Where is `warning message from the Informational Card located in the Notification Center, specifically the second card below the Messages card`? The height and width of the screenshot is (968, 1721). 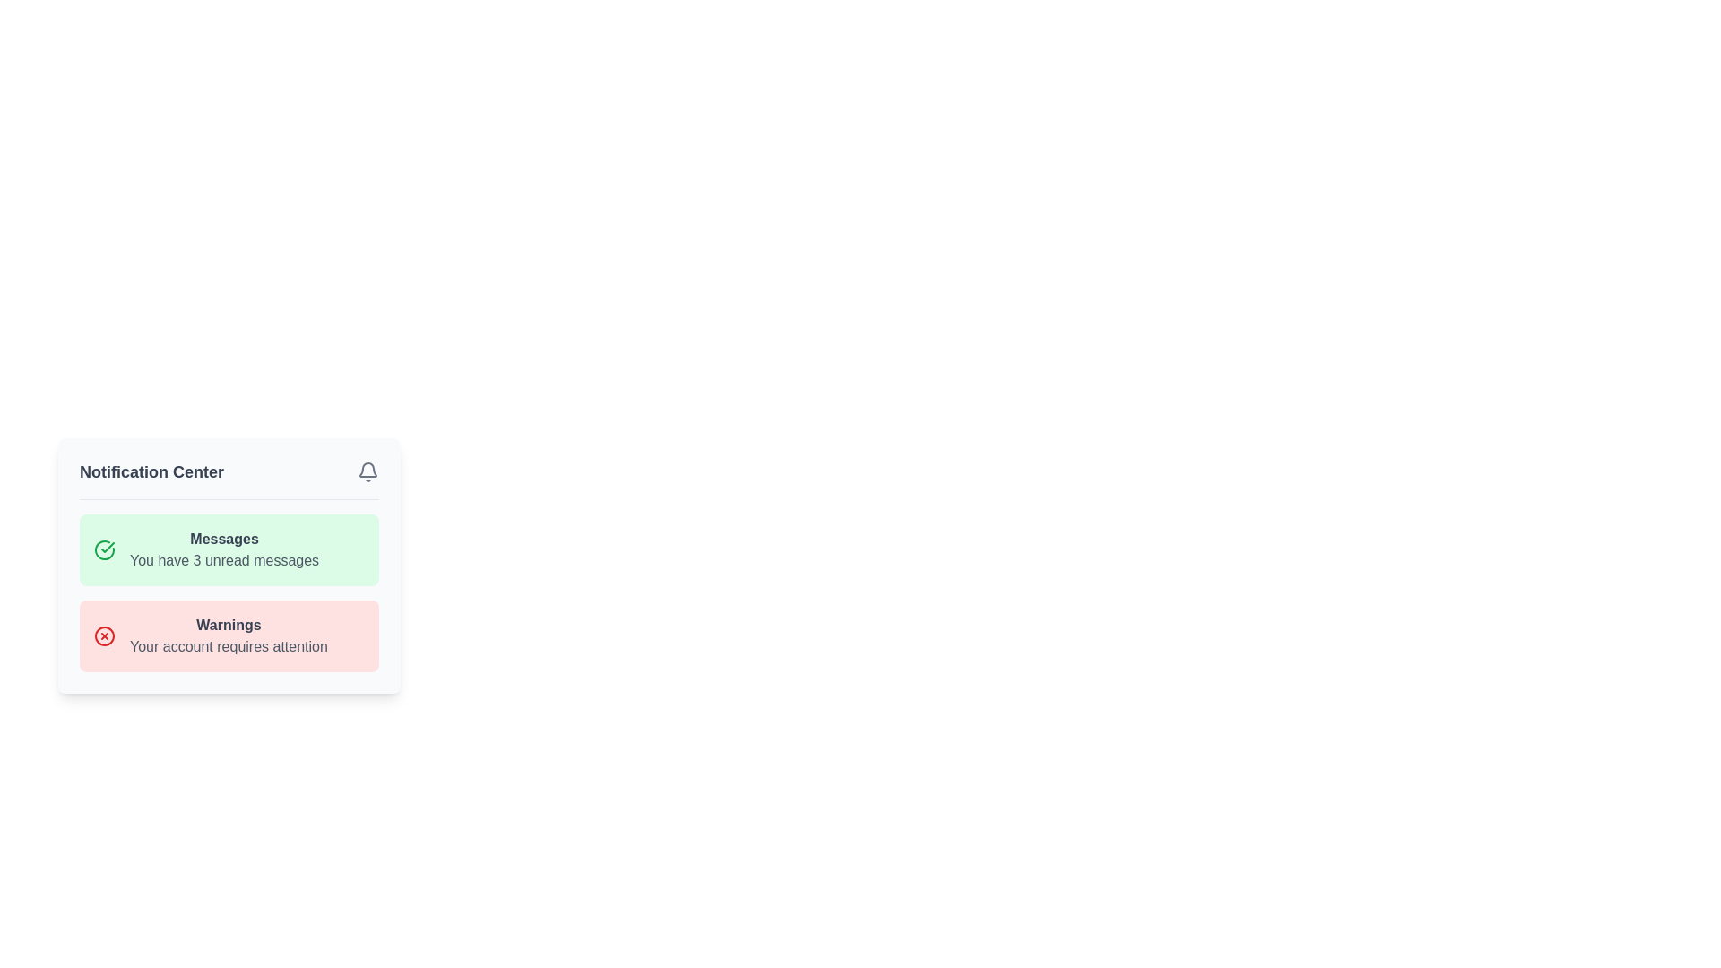 warning message from the Informational Card located in the Notification Center, specifically the second card below the Messages card is located at coordinates (228, 635).